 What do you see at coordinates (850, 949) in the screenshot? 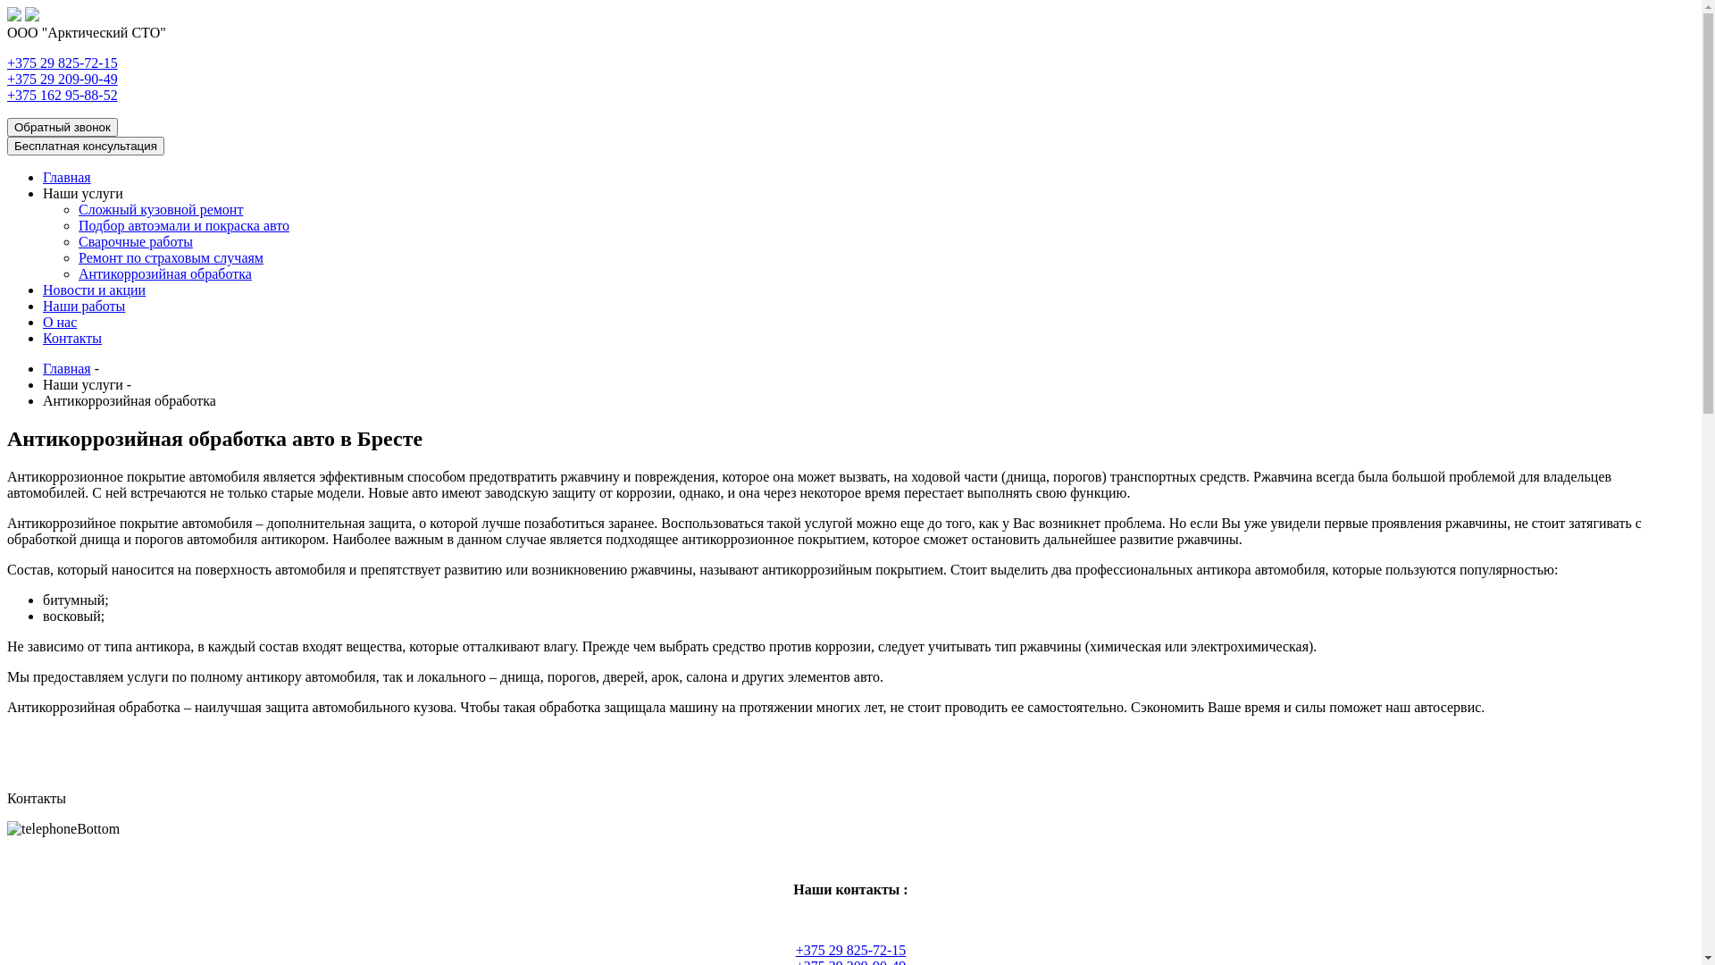
I see `'+375 29 825-72-15'` at bounding box center [850, 949].